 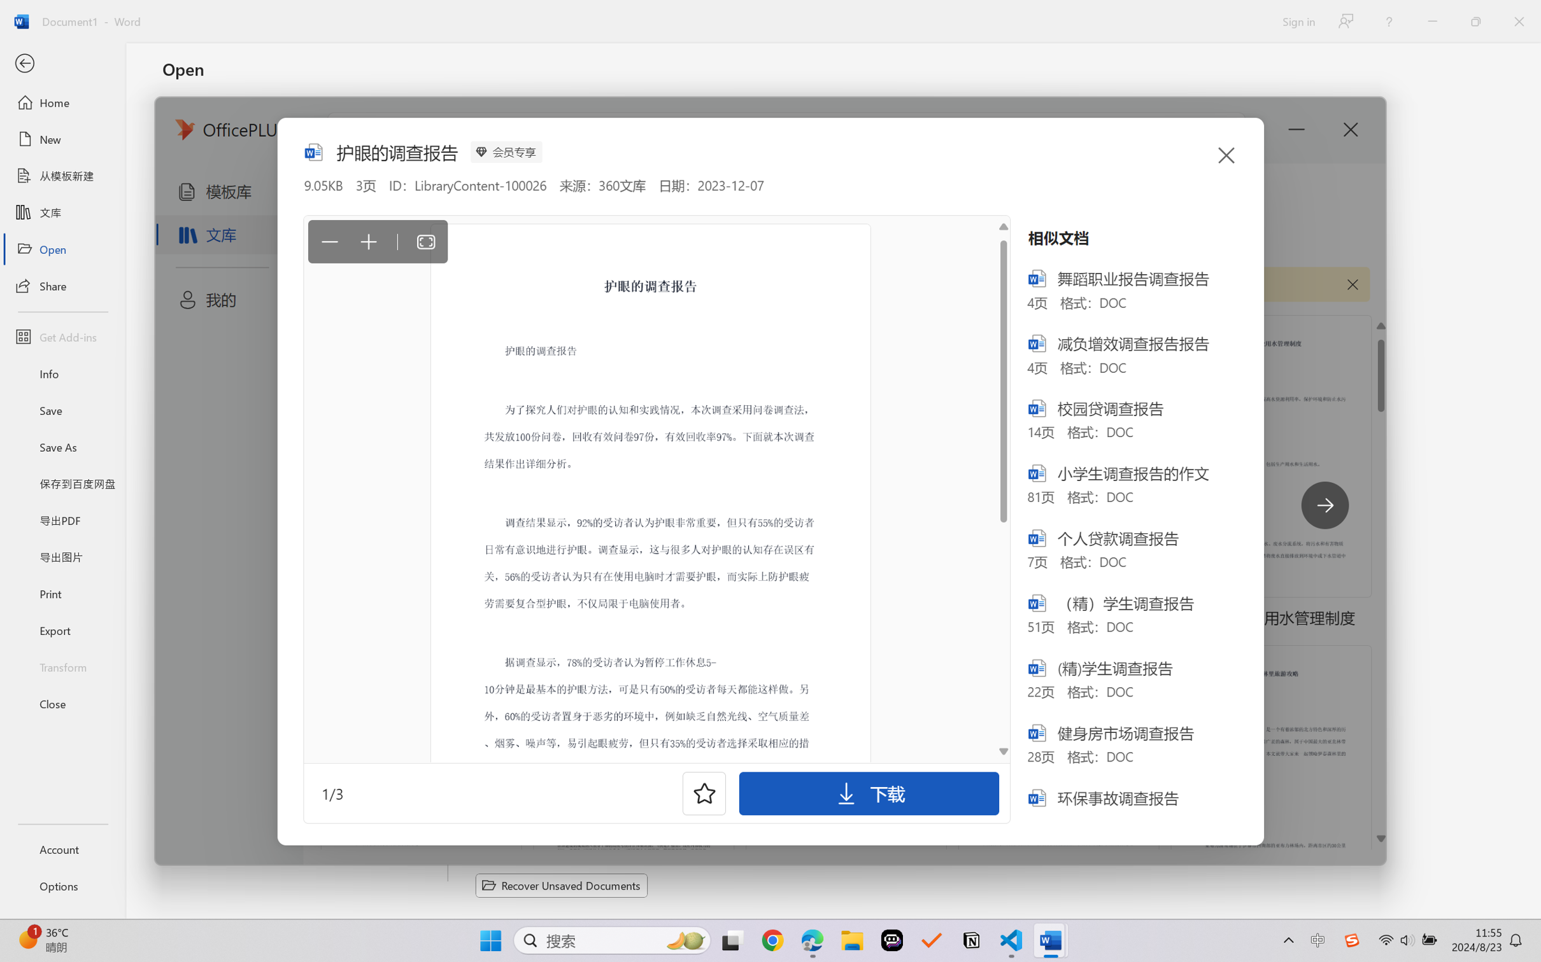 I want to click on 'Info', so click(x=62, y=373).